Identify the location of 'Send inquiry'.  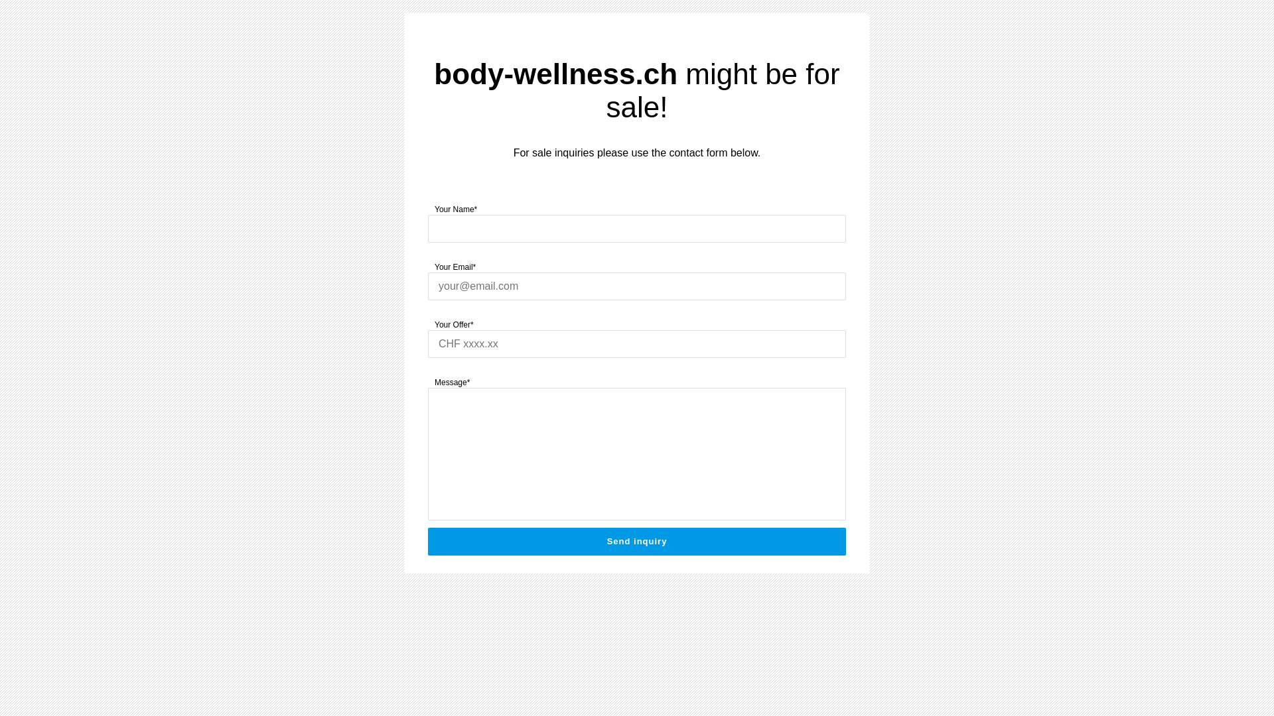
(637, 542).